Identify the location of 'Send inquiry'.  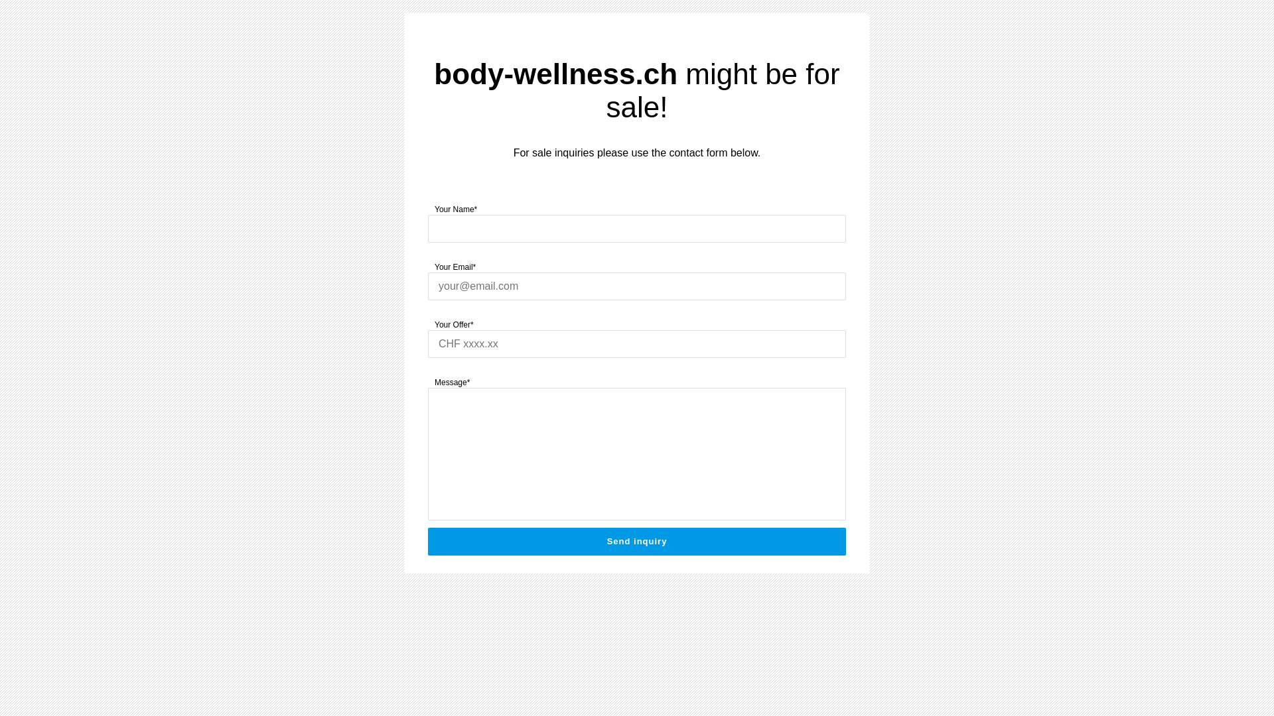
(637, 542).